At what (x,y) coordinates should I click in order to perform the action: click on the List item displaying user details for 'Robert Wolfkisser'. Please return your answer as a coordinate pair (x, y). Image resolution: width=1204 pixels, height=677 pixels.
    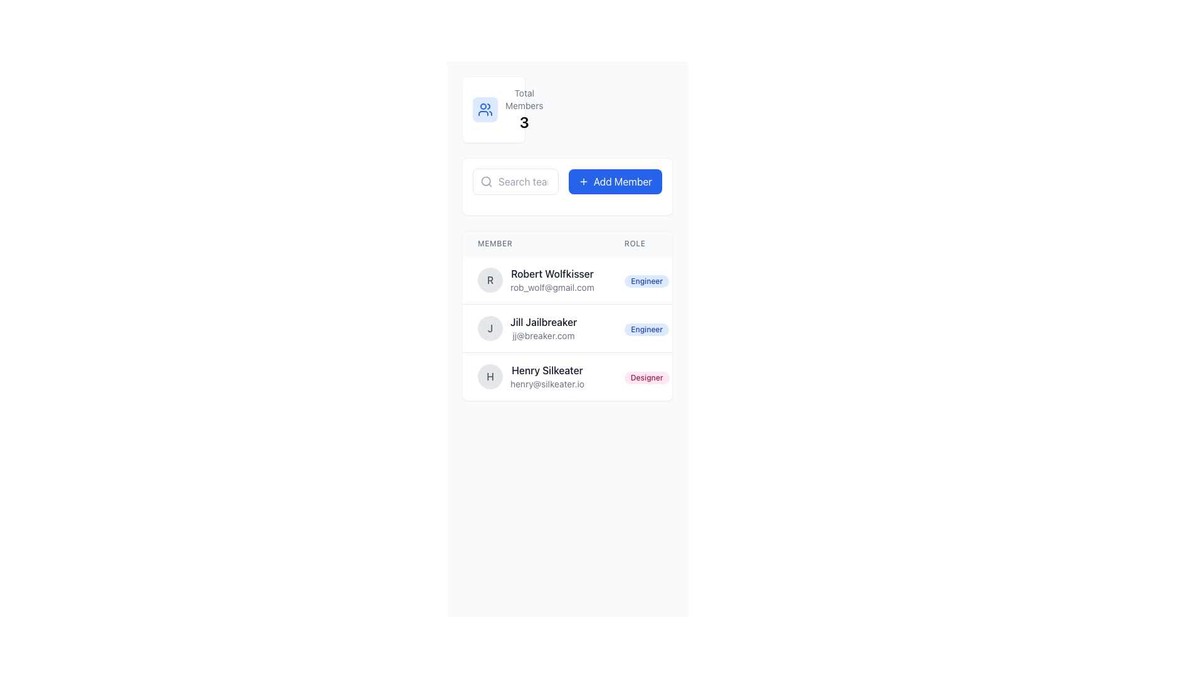
    Looking at the image, I should click on (536, 280).